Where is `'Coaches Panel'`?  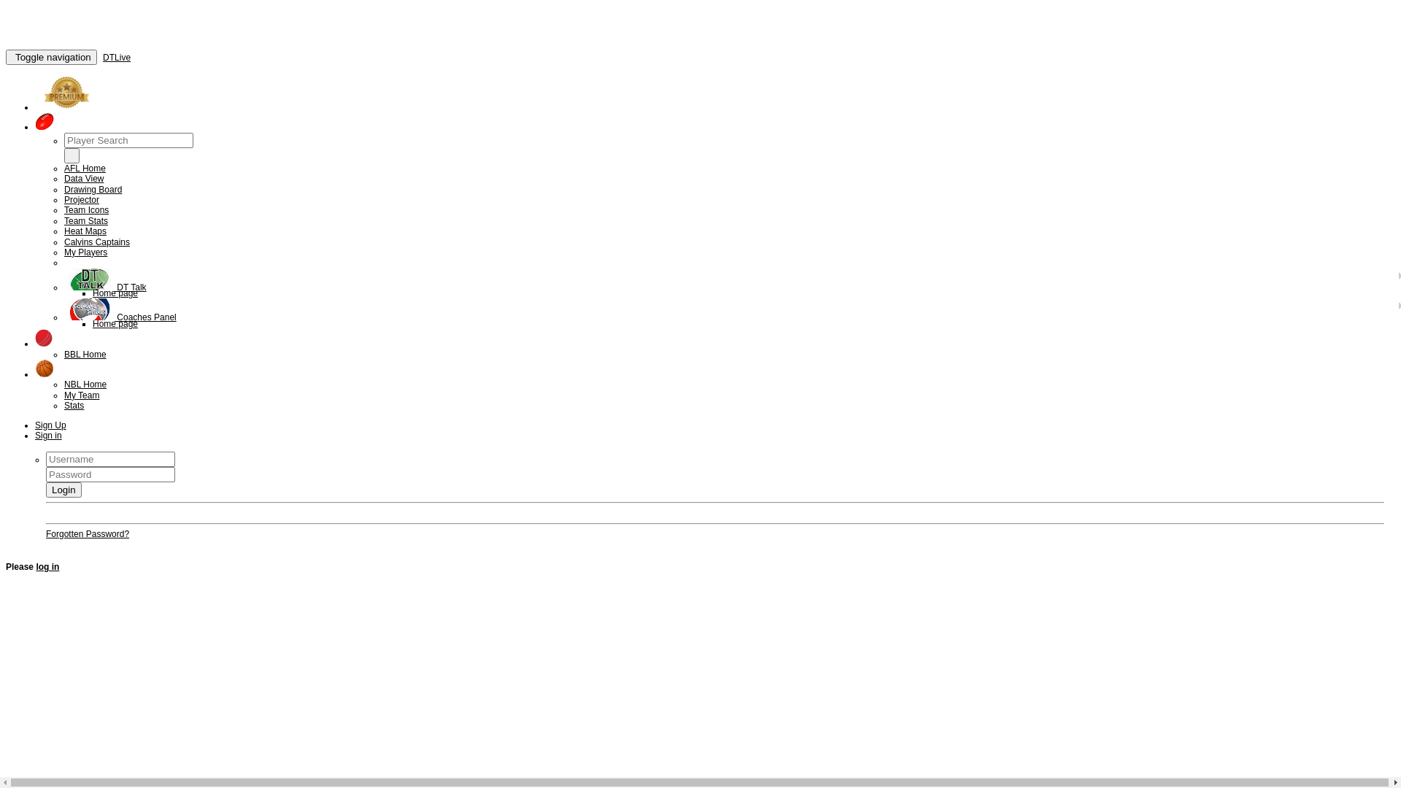 'Coaches Panel' is located at coordinates (120, 317).